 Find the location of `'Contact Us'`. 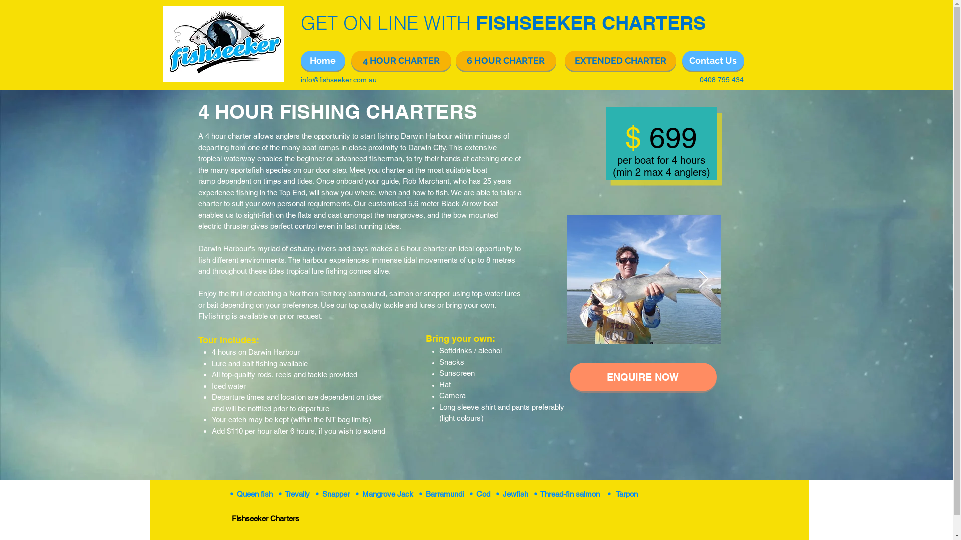

'Contact Us' is located at coordinates (712, 61).